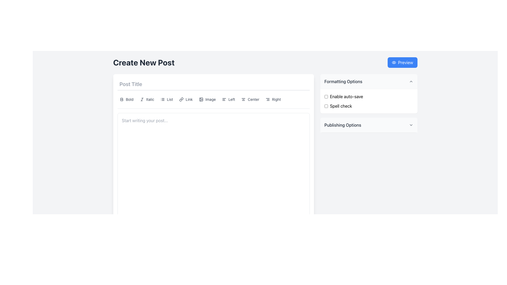  Describe the element at coordinates (232, 99) in the screenshot. I see `the 'Left' alignment option label, which adjusts the text alignment to the left` at that location.